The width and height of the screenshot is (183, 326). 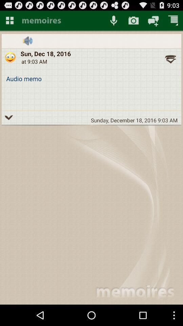 What do you see at coordinates (114, 22) in the screenshot?
I see `the microphone icon` at bounding box center [114, 22].